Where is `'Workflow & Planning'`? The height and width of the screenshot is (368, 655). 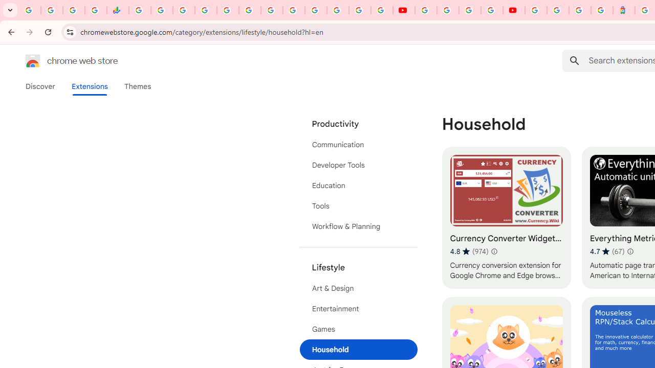 'Workflow & Planning' is located at coordinates (358, 226).